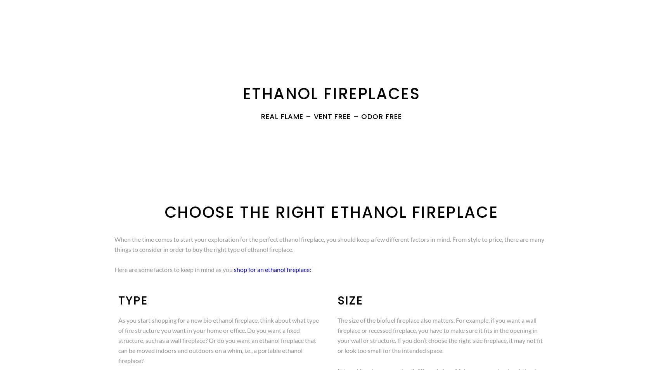  What do you see at coordinates (331, 93) in the screenshot?
I see `'ETHANOL FIREPLACES'` at bounding box center [331, 93].